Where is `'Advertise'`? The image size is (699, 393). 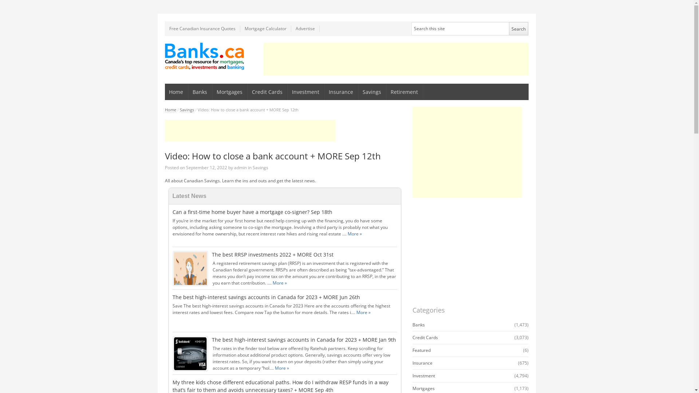 'Advertise' is located at coordinates (305, 28).